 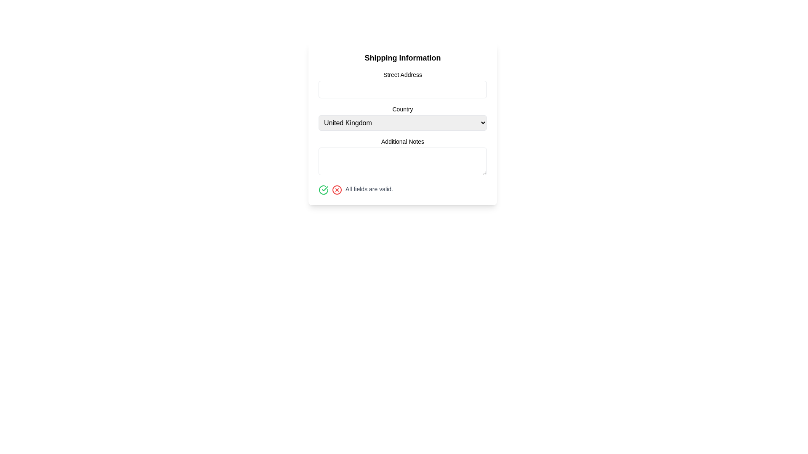 What do you see at coordinates (337, 190) in the screenshot?
I see `the error icon located to the right of the green checkmark, which indicates an invalid state below the 'Additional Notes' section` at bounding box center [337, 190].